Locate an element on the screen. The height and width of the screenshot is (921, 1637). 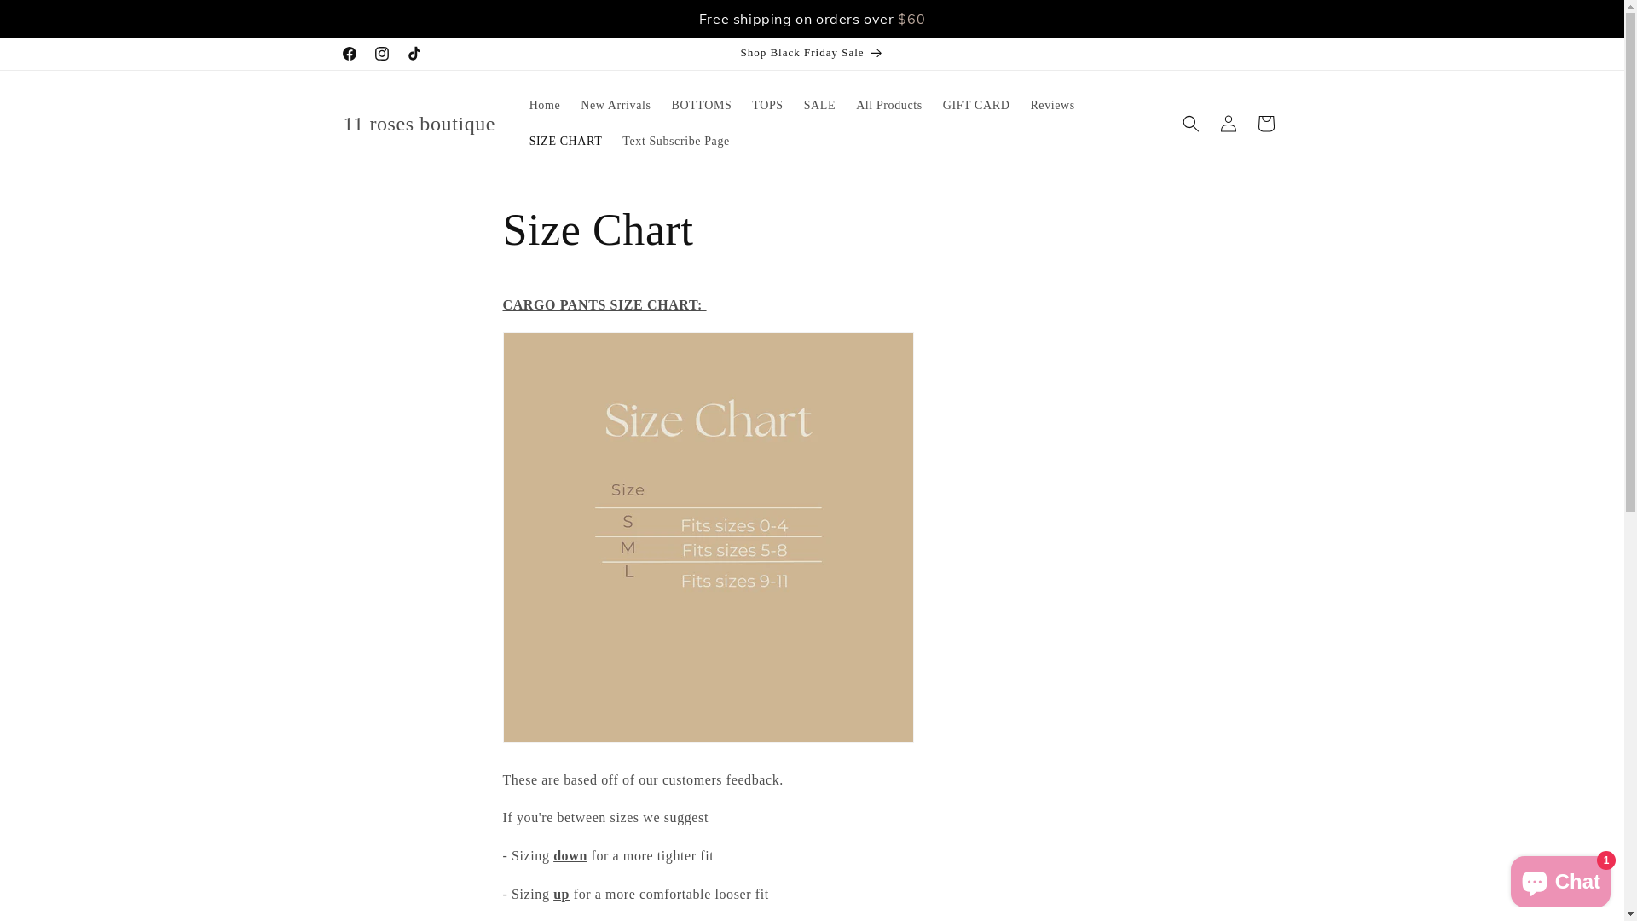
'BOTTOMS' is located at coordinates (702, 105).